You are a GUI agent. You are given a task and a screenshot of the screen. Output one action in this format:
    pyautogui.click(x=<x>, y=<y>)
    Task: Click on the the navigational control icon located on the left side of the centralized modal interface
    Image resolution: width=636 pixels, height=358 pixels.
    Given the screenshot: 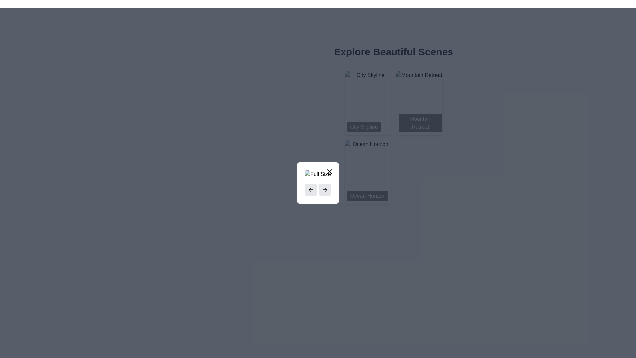 What is the action you would take?
    pyautogui.click(x=310, y=189)
    